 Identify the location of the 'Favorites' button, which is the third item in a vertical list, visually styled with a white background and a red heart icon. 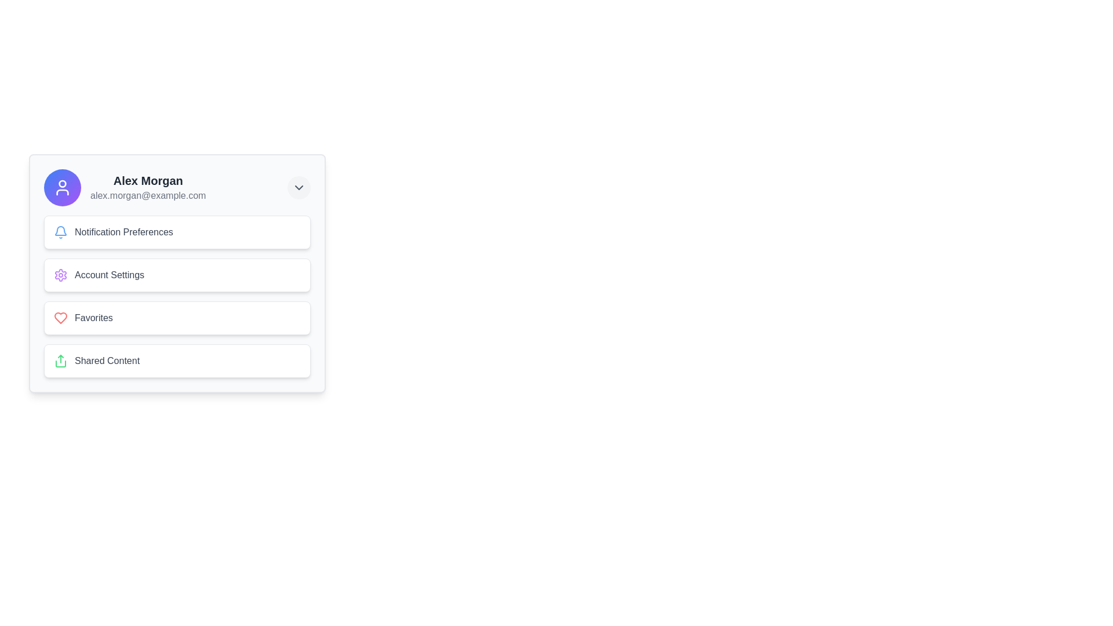
(177, 318).